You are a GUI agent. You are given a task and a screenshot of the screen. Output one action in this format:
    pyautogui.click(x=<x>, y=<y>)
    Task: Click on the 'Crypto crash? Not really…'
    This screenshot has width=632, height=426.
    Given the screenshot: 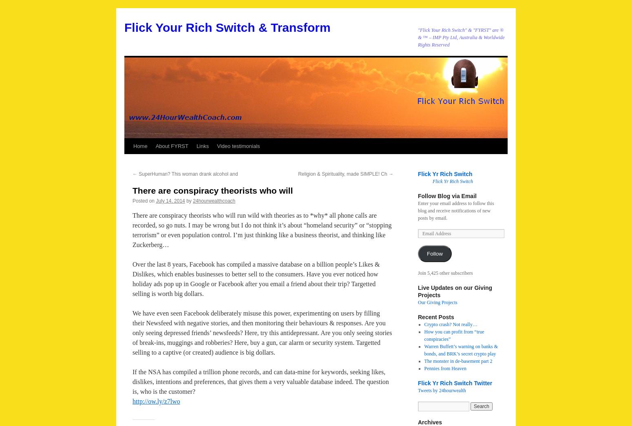 What is the action you would take?
    pyautogui.click(x=450, y=324)
    